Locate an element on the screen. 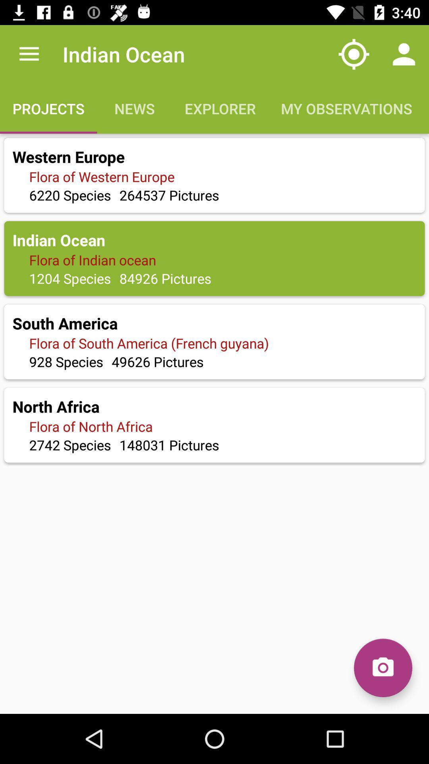  the app next to the indian ocean item is located at coordinates (29, 54).